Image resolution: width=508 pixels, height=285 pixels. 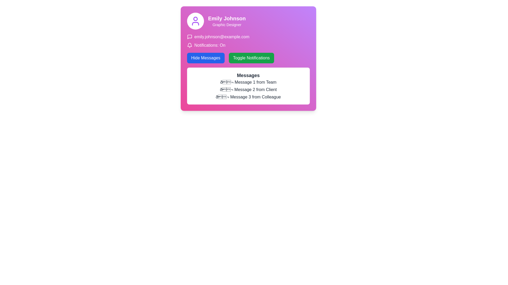 I want to click on the button that hides specific messages, so click(x=205, y=58).